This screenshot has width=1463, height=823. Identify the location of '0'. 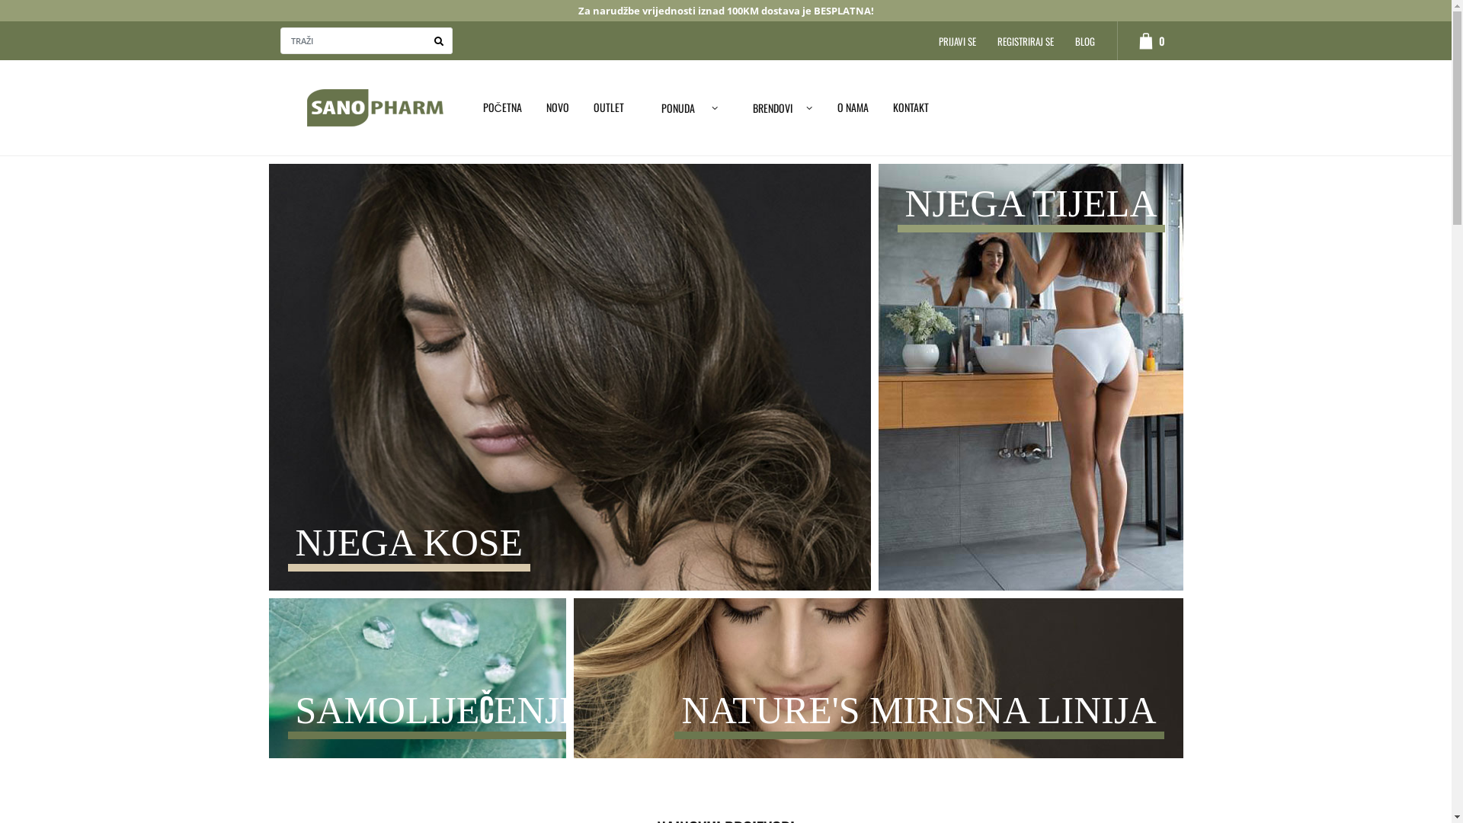
(1116, 40).